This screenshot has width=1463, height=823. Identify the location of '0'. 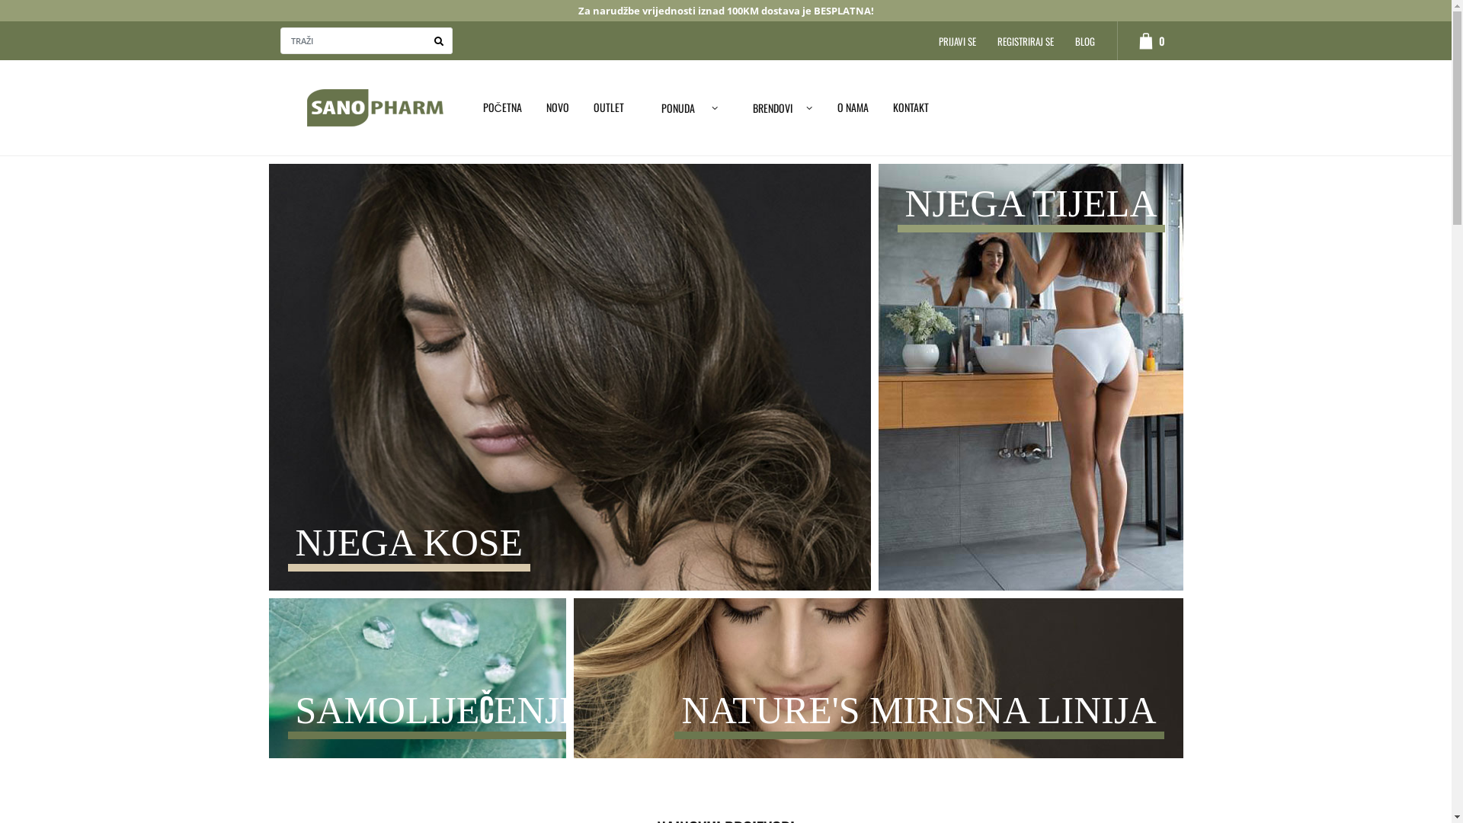
(1116, 40).